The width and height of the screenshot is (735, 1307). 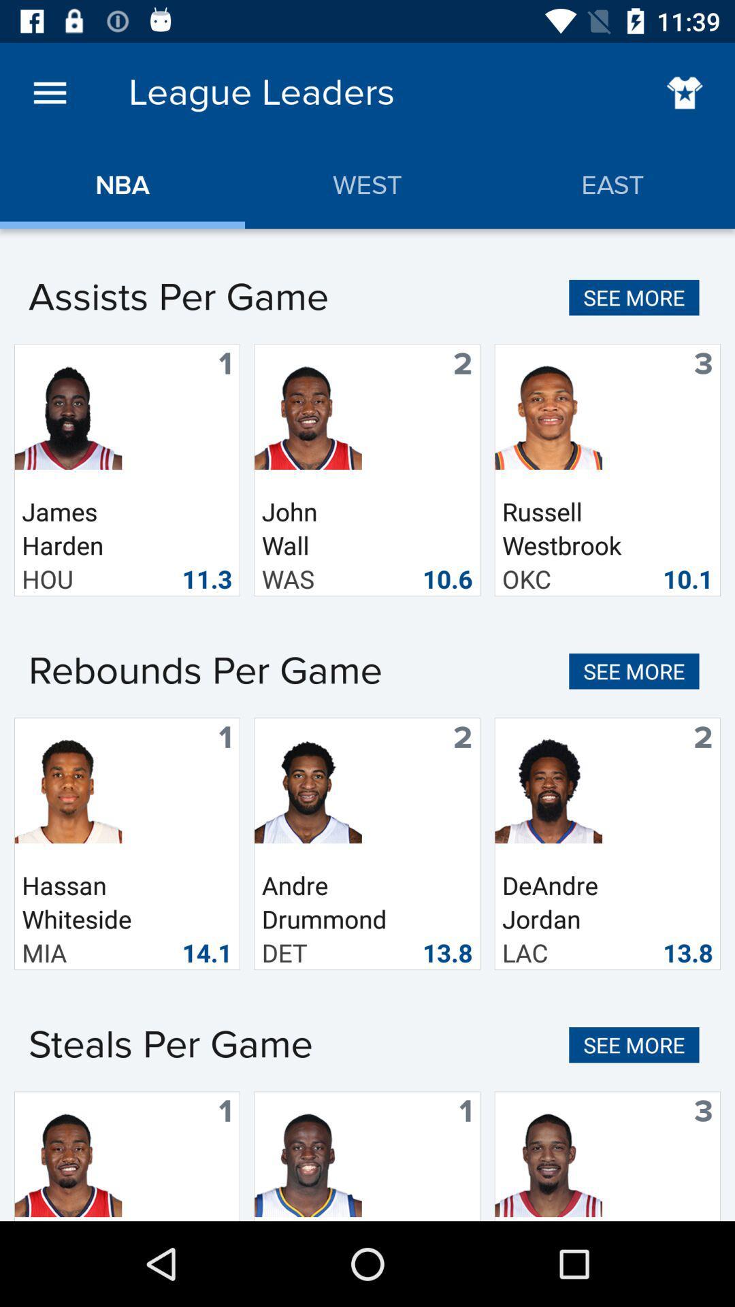 What do you see at coordinates (68, 1156) in the screenshot?
I see `the bottom left image` at bounding box center [68, 1156].